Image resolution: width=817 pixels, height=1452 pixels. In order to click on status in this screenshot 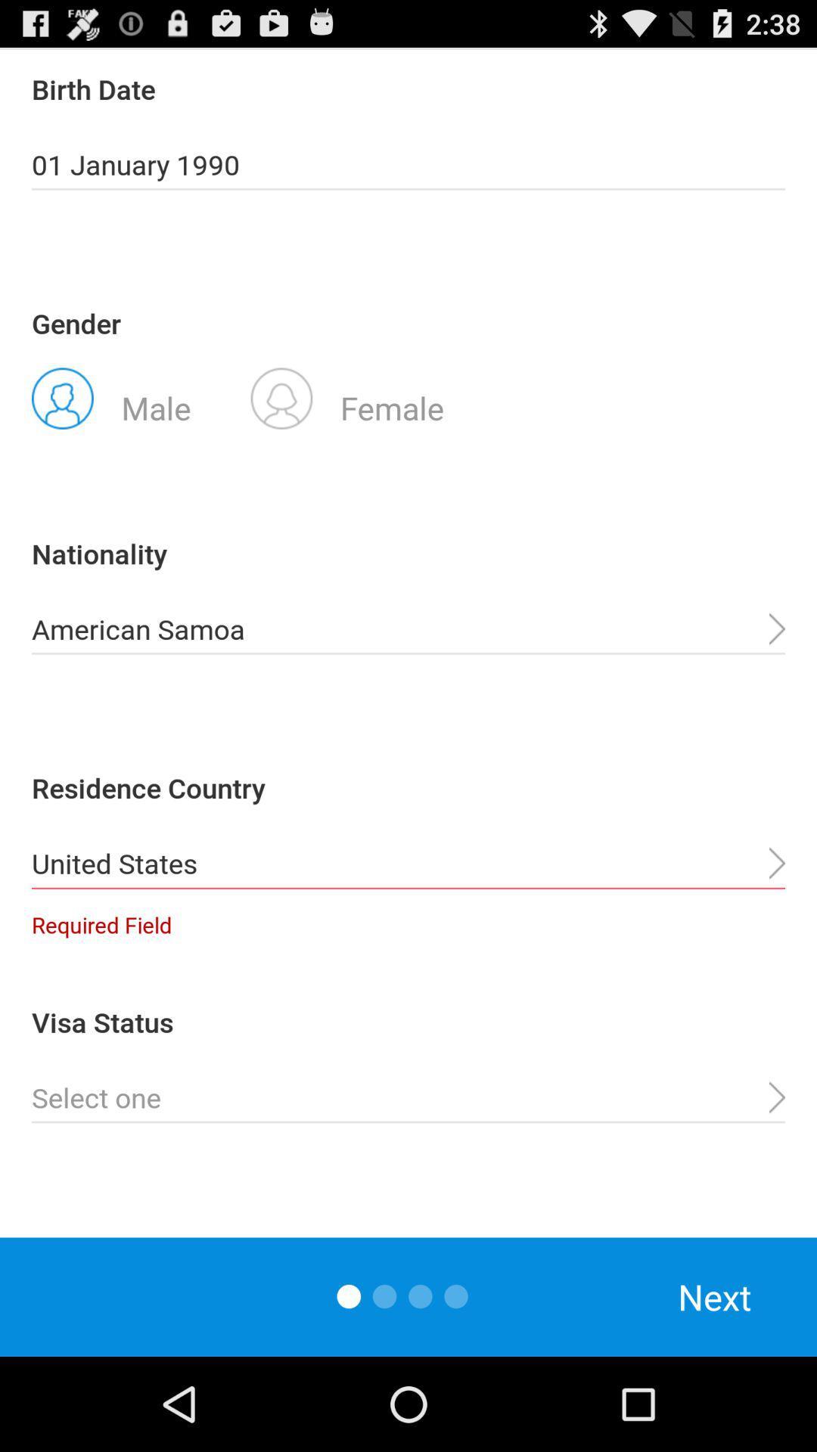, I will do `click(408, 1098)`.